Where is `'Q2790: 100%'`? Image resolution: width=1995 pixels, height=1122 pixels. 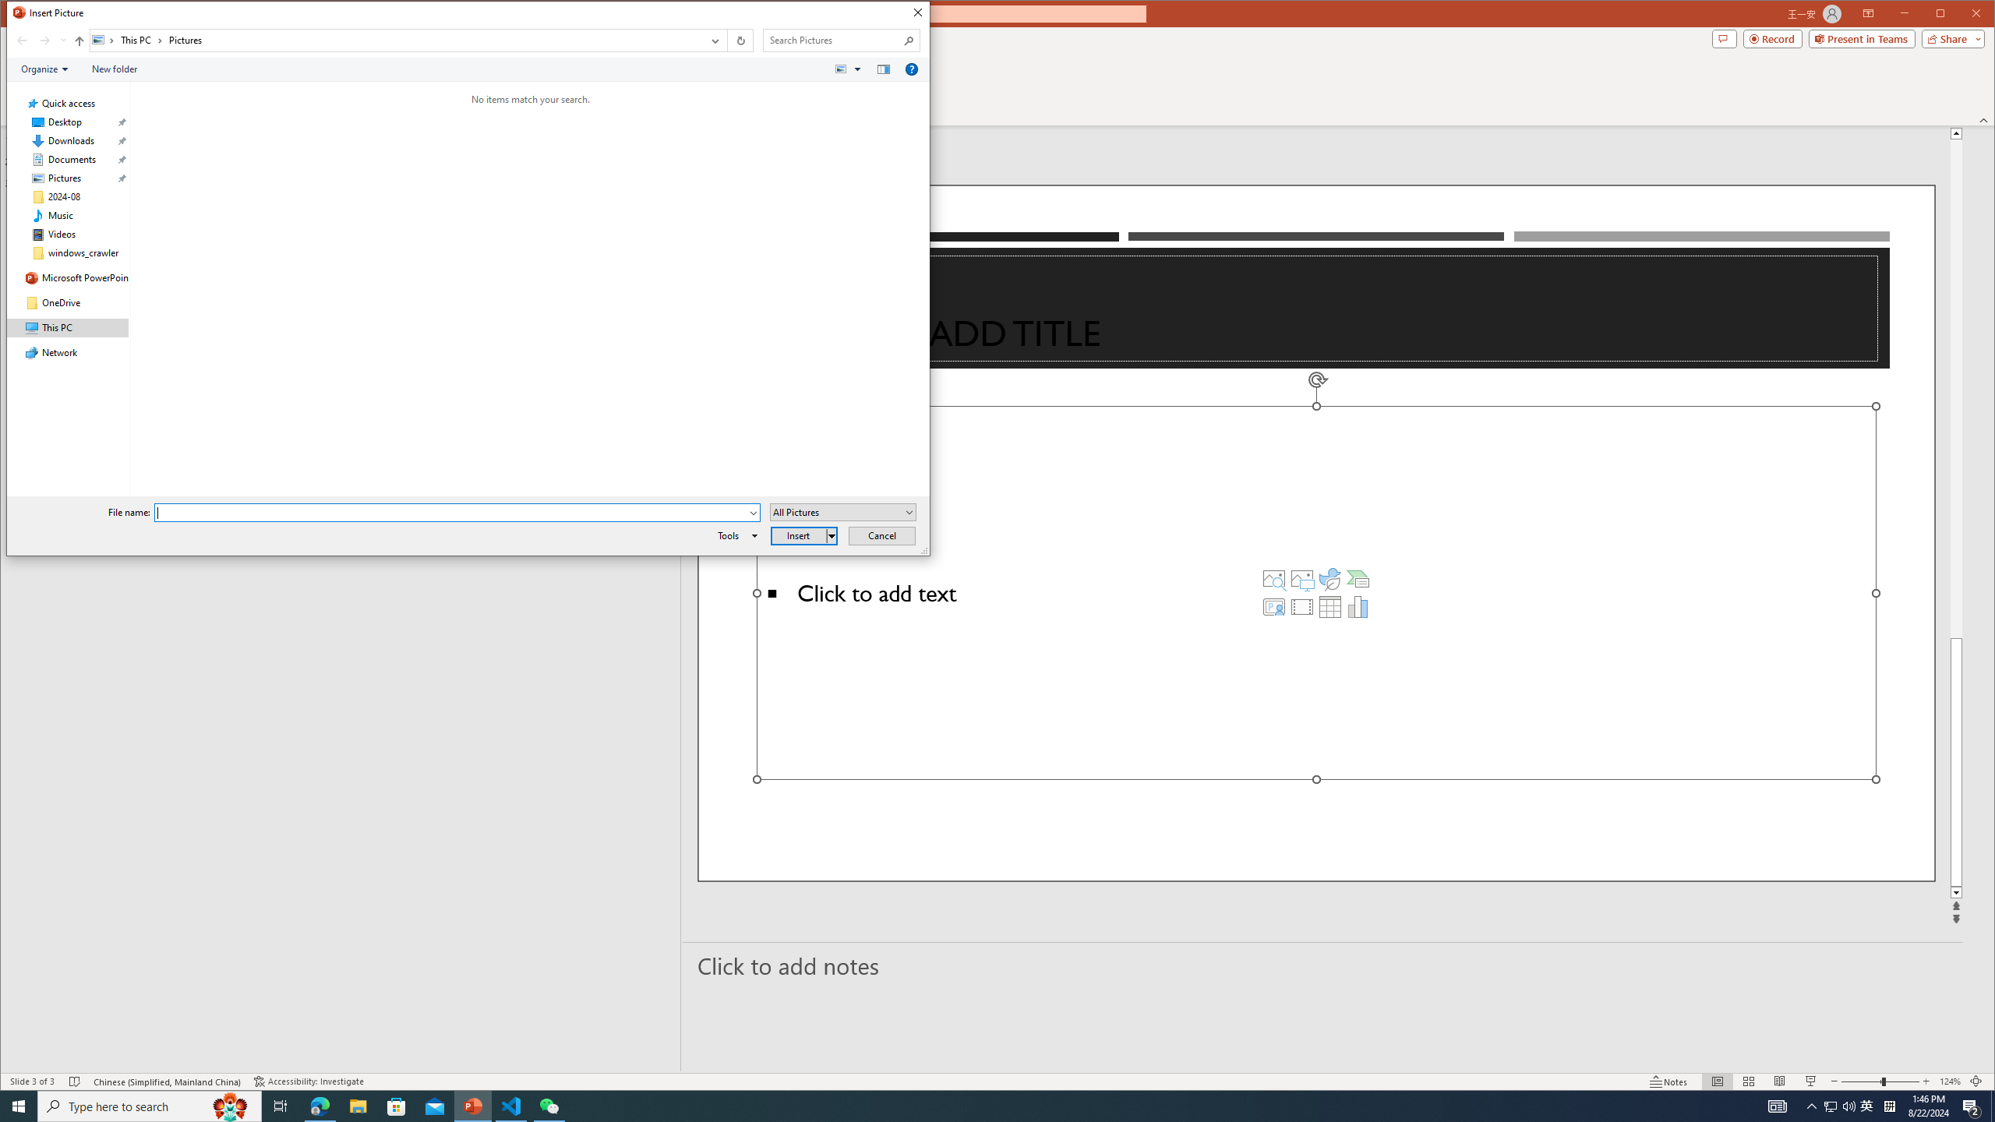 'Q2790: 100%' is located at coordinates (1848, 1105).